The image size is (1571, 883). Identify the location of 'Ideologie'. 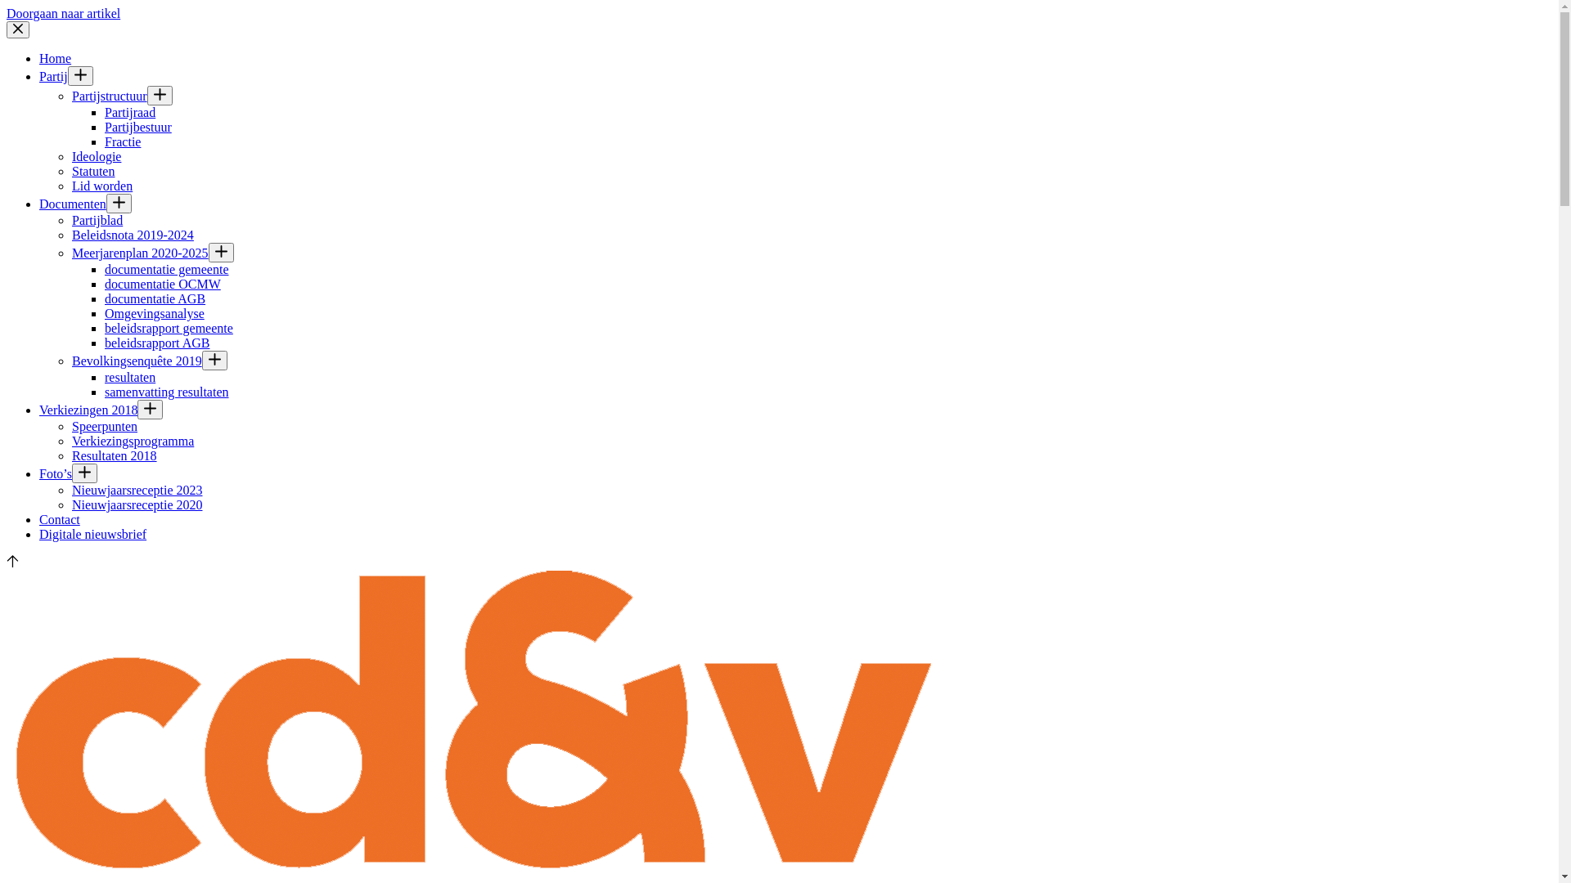
(96, 156).